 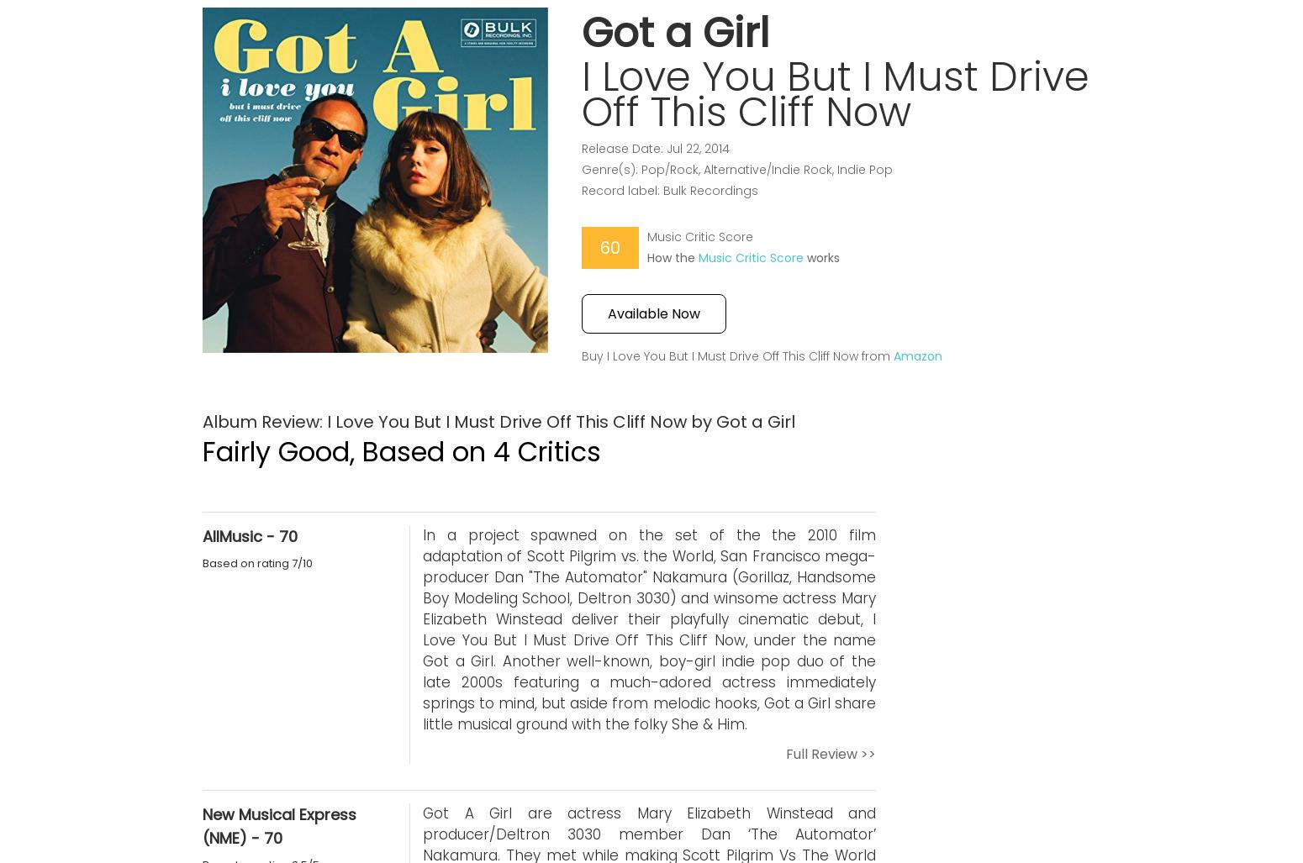 What do you see at coordinates (581, 92) in the screenshot?
I see `'I Love You But I Must Drive Off This Cliff Now'` at bounding box center [581, 92].